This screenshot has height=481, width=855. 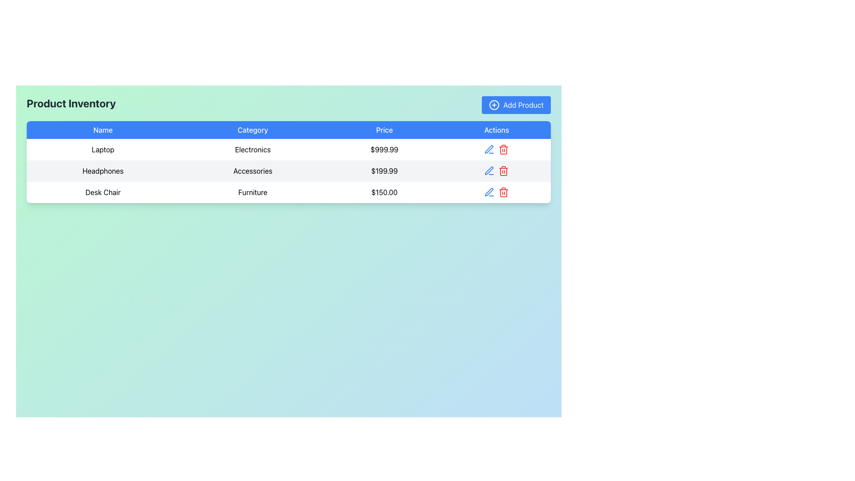 What do you see at coordinates (252, 149) in the screenshot?
I see `the 'Electronics' text label in the 'Category' column of the 'Product Inventory' table, which is positioned in the second cell of the row corresponding to 'Laptop'` at bounding box center [252, 149].